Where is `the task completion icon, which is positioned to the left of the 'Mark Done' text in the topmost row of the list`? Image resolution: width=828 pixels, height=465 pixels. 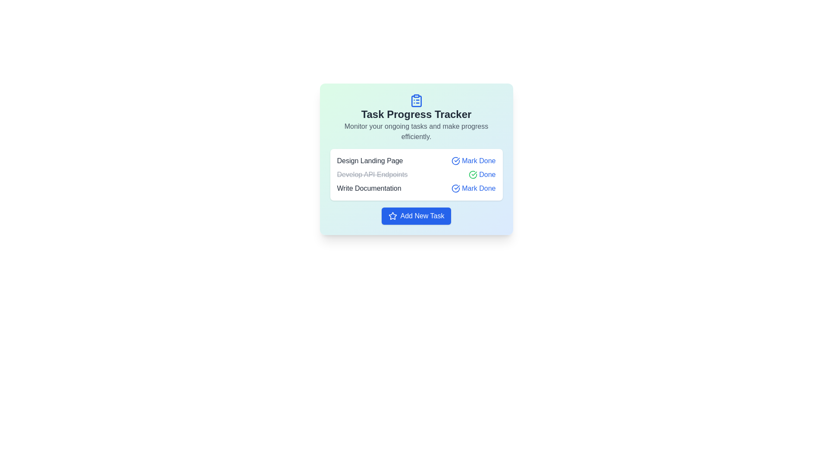 the task completion icon, which is positioned to the left of the 'Mark Done' text in the topmost row of the list is located at coordinates (455, 188).